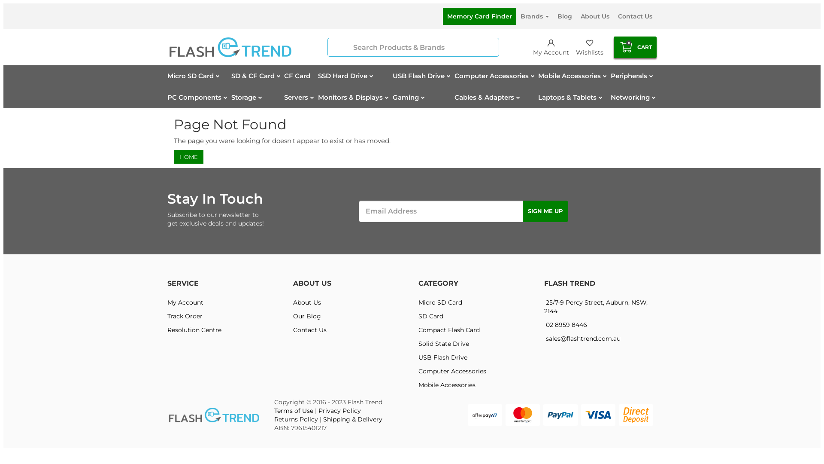 The image size is (824, 464). I want to click on 'Wishlists', so click(589, 47).